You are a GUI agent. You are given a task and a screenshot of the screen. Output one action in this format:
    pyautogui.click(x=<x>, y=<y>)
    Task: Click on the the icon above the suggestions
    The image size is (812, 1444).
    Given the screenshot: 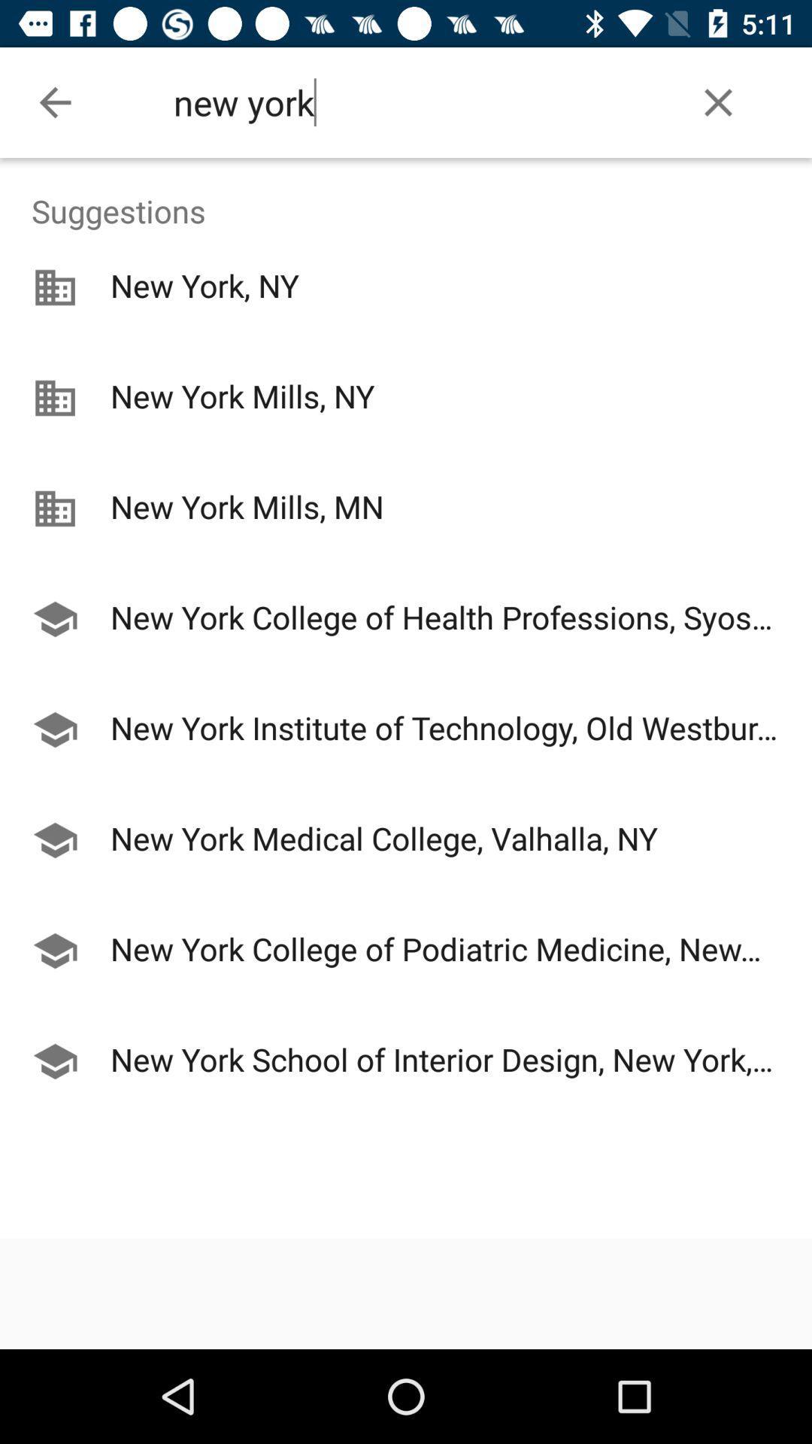 What is the action you would take?
    pyautogui.click(x=54, y=102)
    